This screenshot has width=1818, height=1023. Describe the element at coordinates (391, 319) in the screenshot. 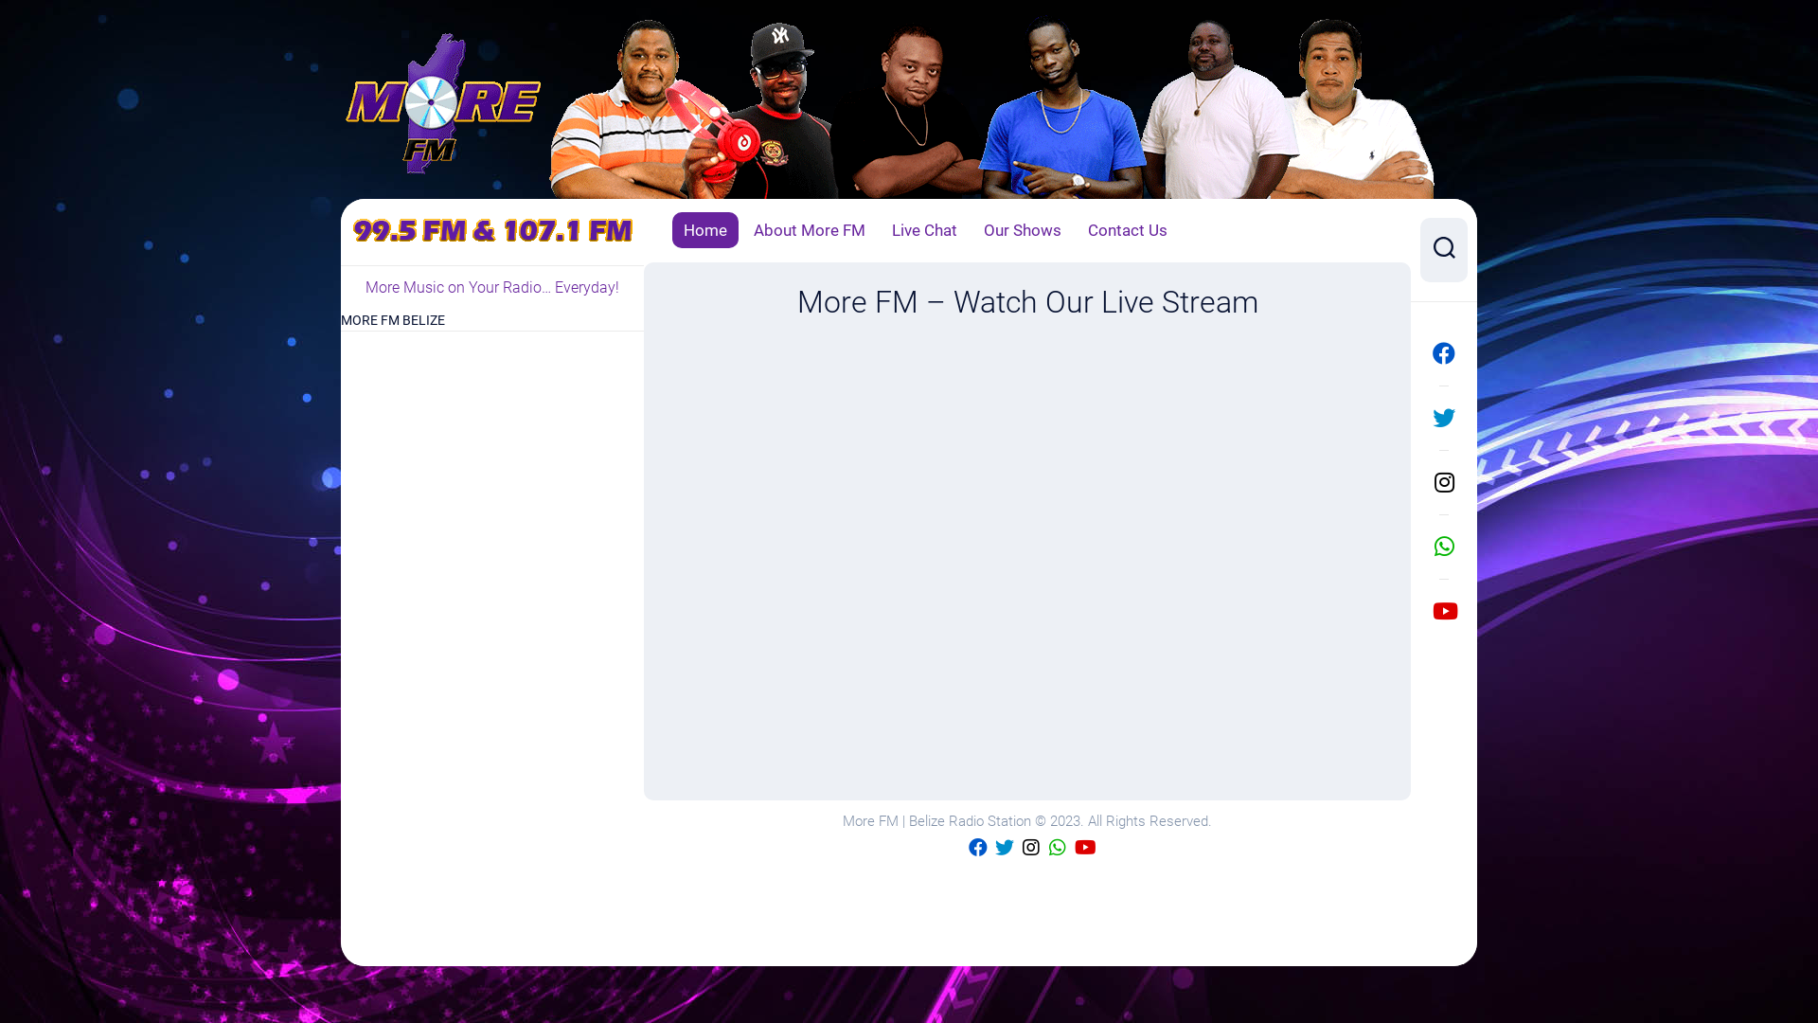

I see `'MORE FM BELIZE'` at that location.